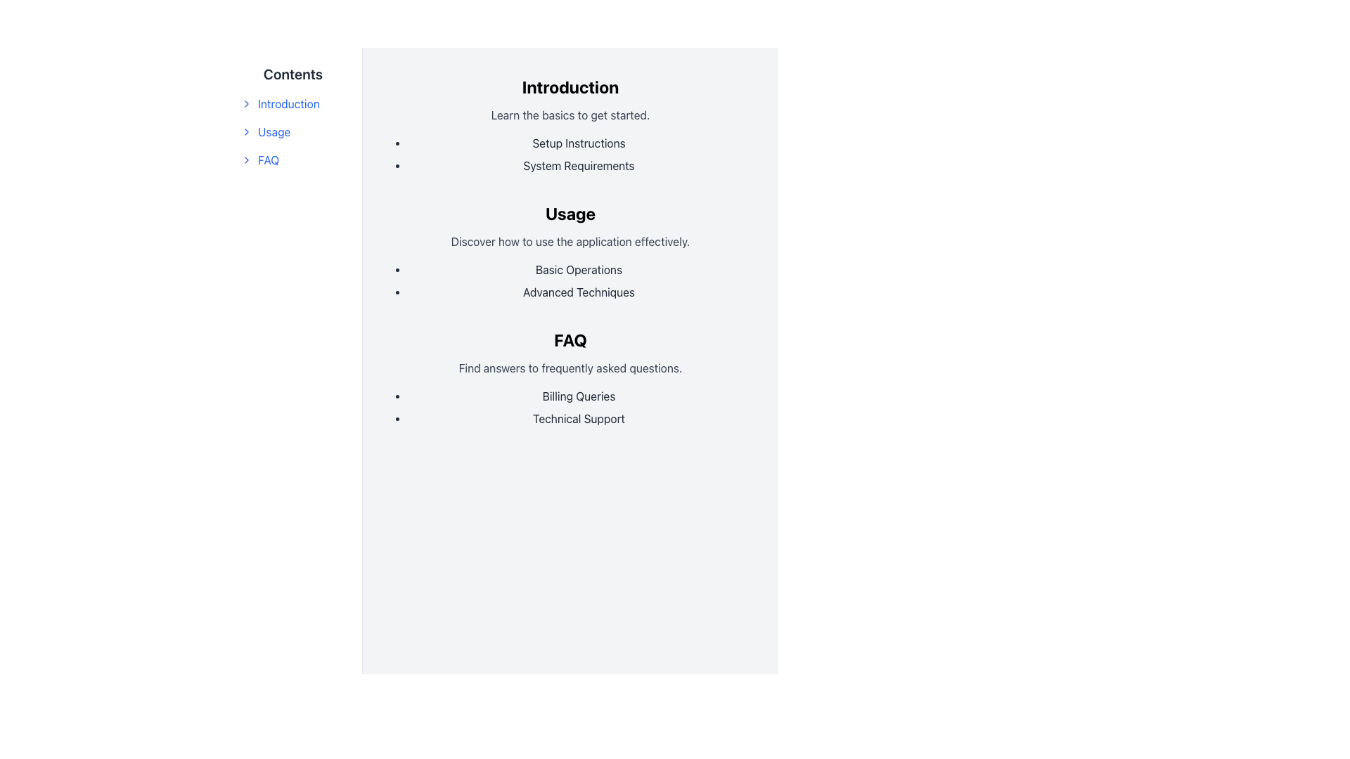 This screenshot has width=1350, height=759. I want to click on the Text Label that provides introductory information about the section beneath the title 'Introduction', so click(570, 115).